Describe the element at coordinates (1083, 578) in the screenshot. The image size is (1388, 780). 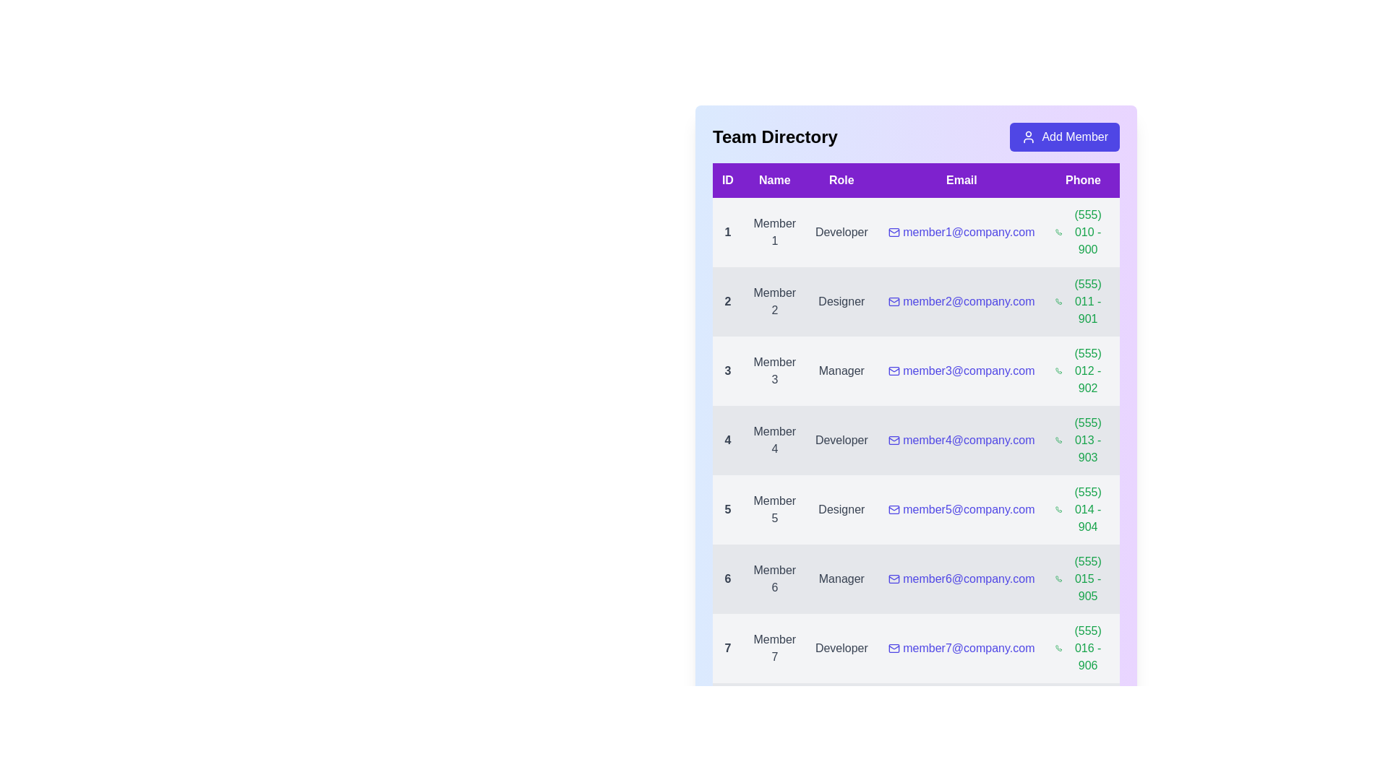
I see `the phone number (555) 015 - 905 to initiate a call` at that location.